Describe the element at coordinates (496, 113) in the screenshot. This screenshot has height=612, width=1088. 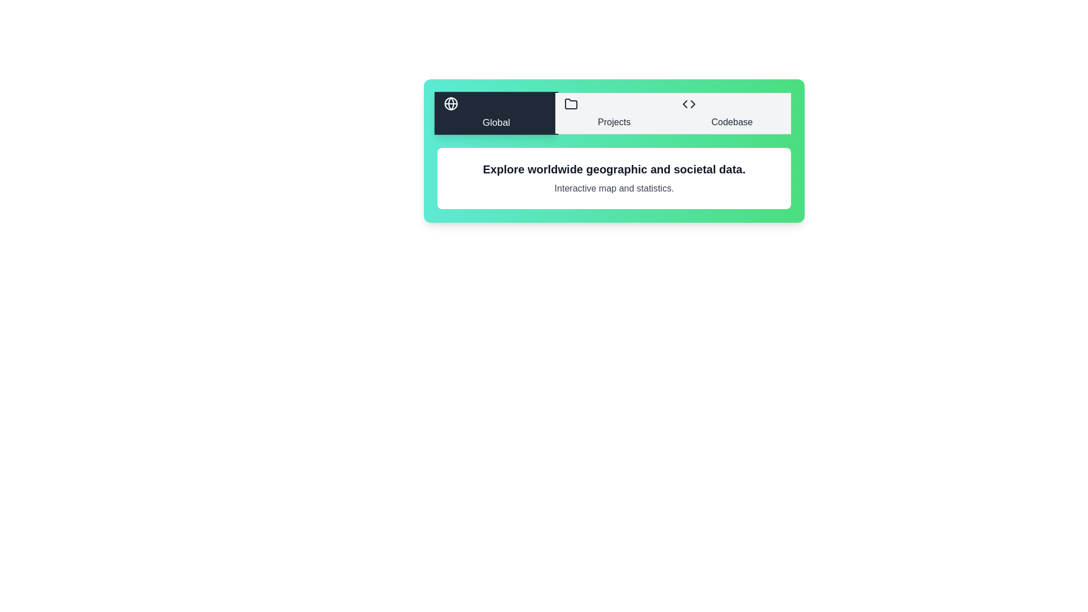
I see `the Global tab` at that location.